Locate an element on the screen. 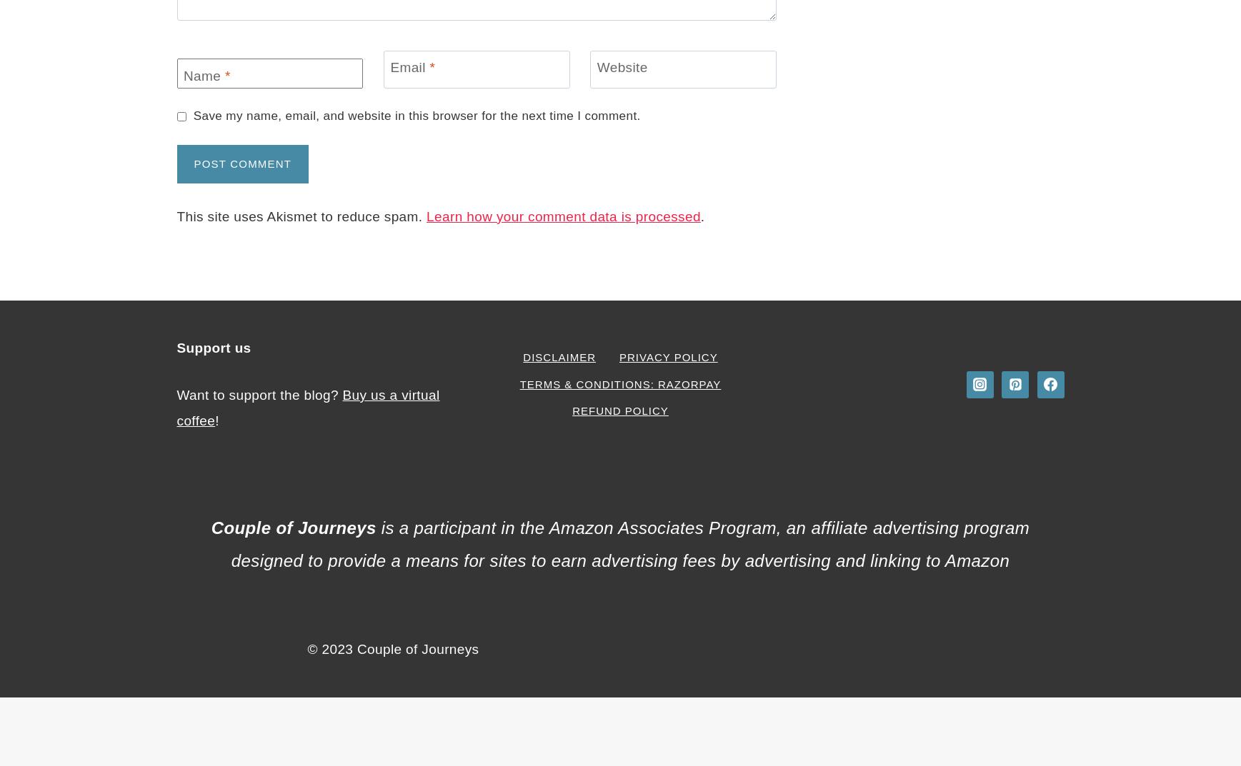 This screenshot has height=766, width=1241. 'Disclaimer' is located at coordinates (559, 356).